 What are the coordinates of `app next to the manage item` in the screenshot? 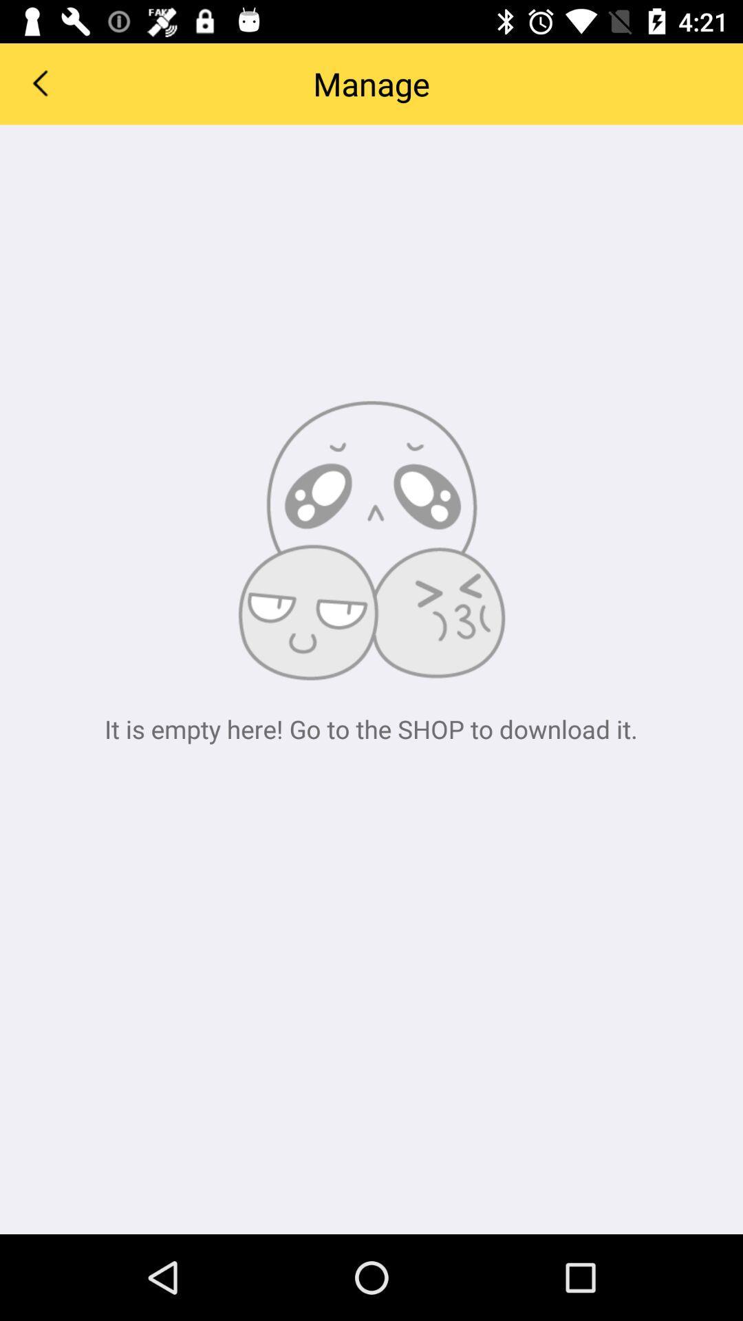 It's located at (39, 82).